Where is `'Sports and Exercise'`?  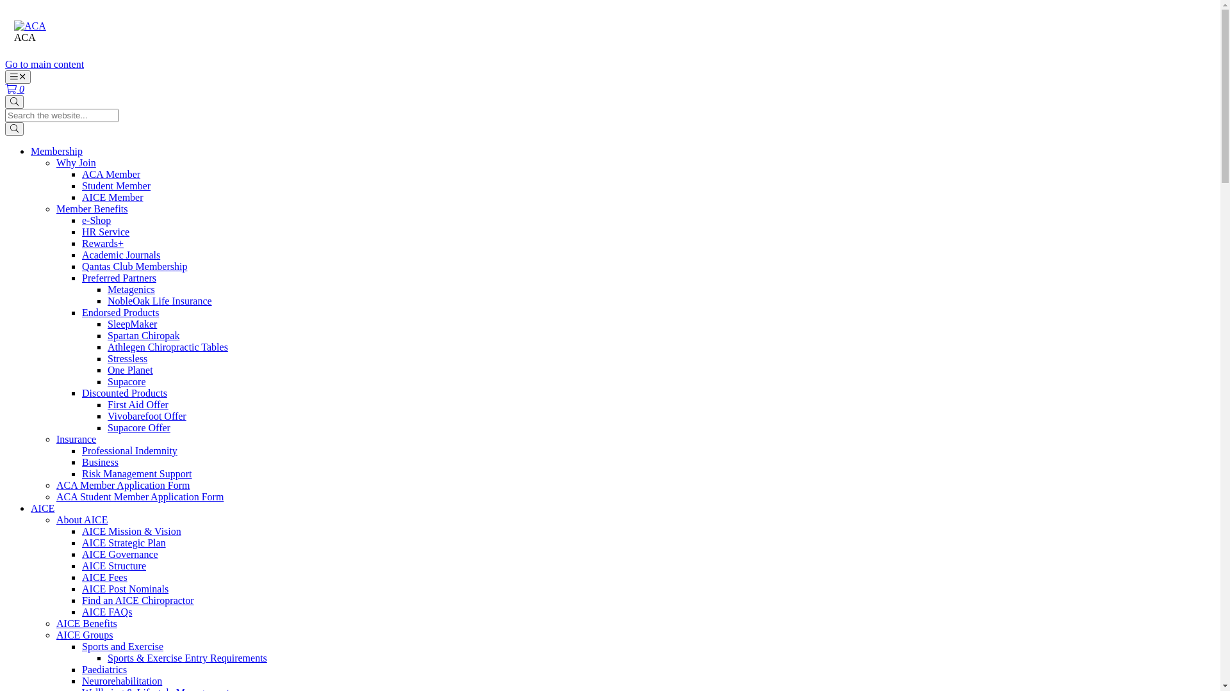 'Sports and Exercise' is located at coordinates (122, 646).